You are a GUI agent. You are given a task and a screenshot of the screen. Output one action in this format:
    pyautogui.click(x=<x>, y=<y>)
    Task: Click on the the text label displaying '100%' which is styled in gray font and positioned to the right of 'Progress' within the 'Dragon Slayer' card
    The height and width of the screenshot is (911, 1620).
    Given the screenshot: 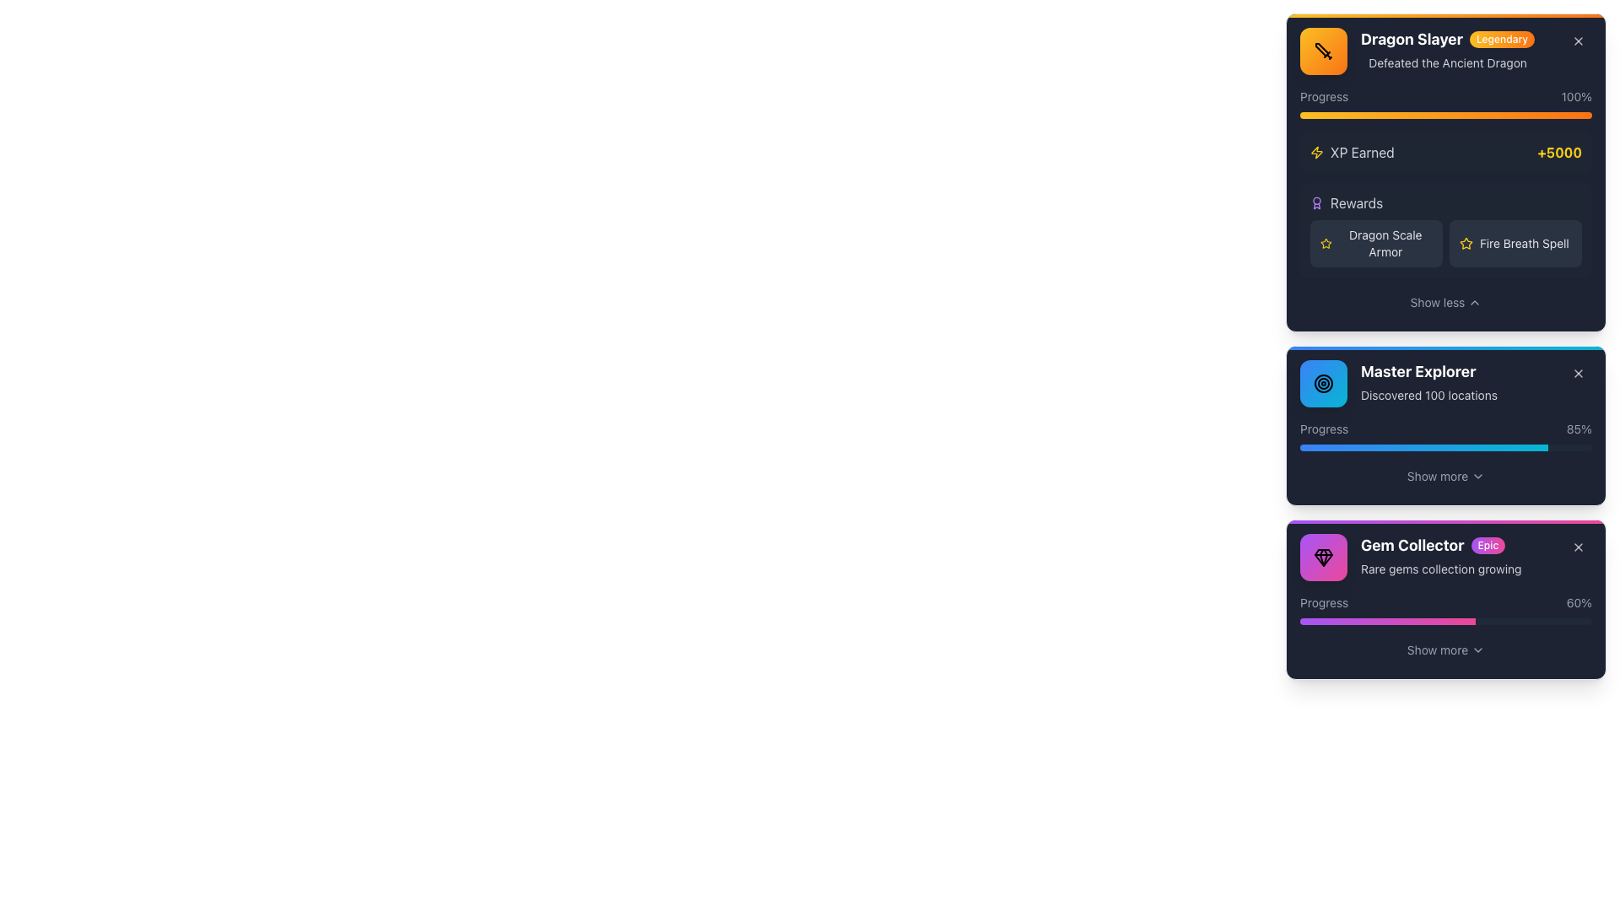 What is the action you would take?
    pyautogui.click(x=1575, y=97)
    